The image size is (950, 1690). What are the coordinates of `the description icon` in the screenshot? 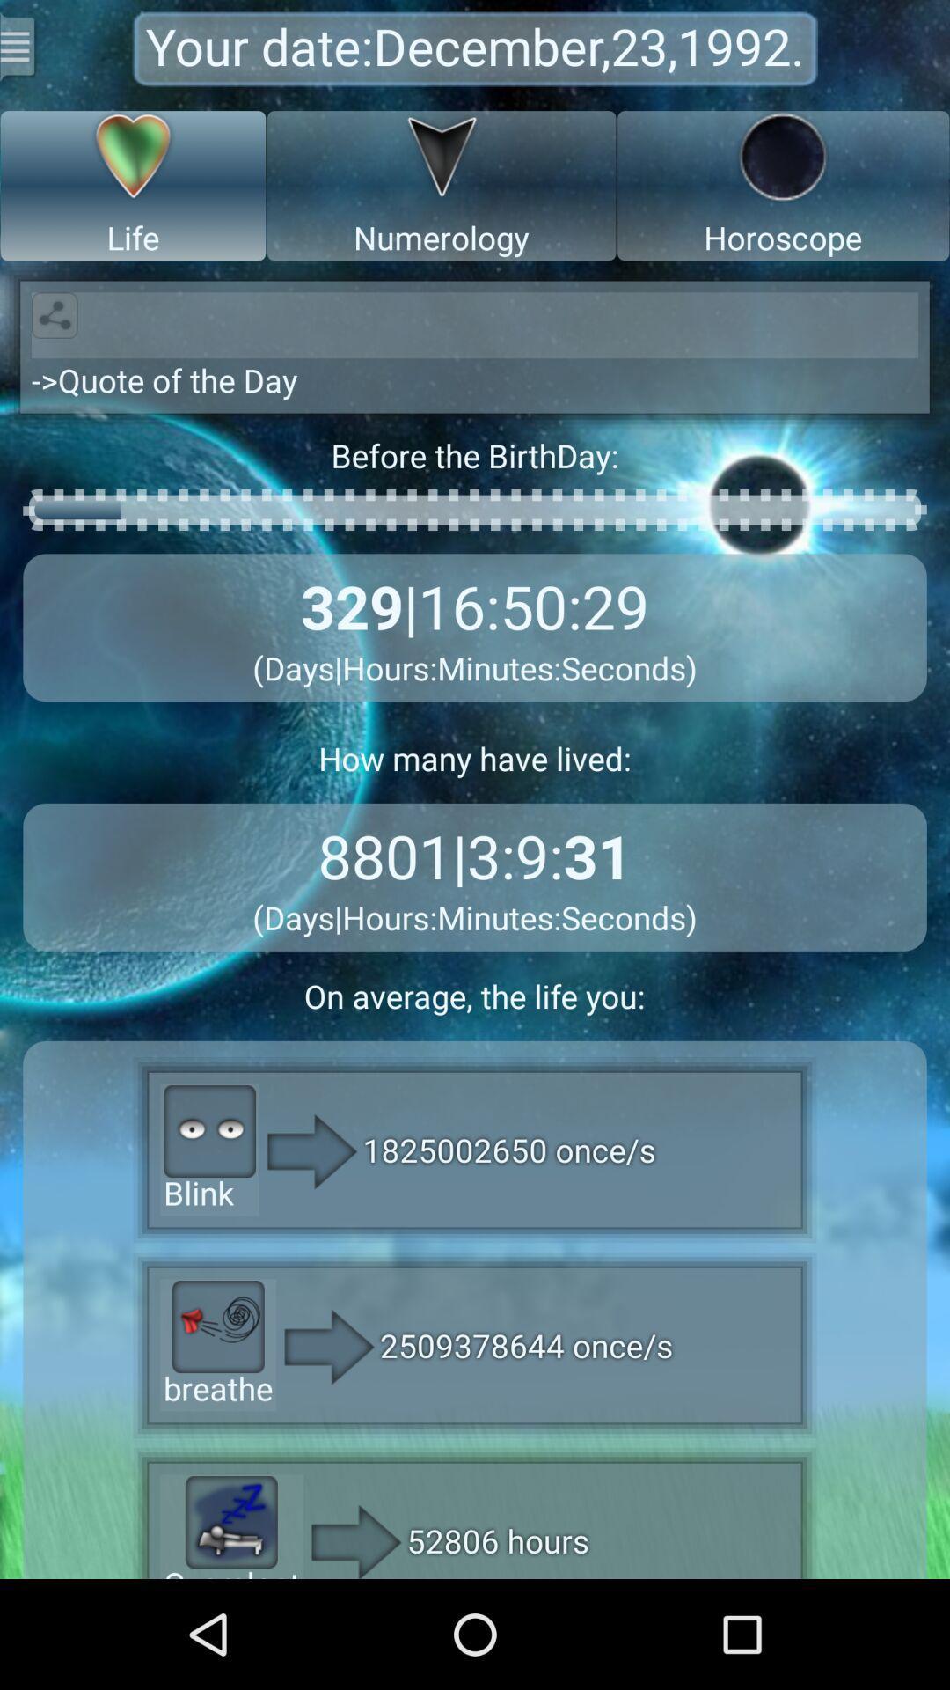 It's located at (19, 49).